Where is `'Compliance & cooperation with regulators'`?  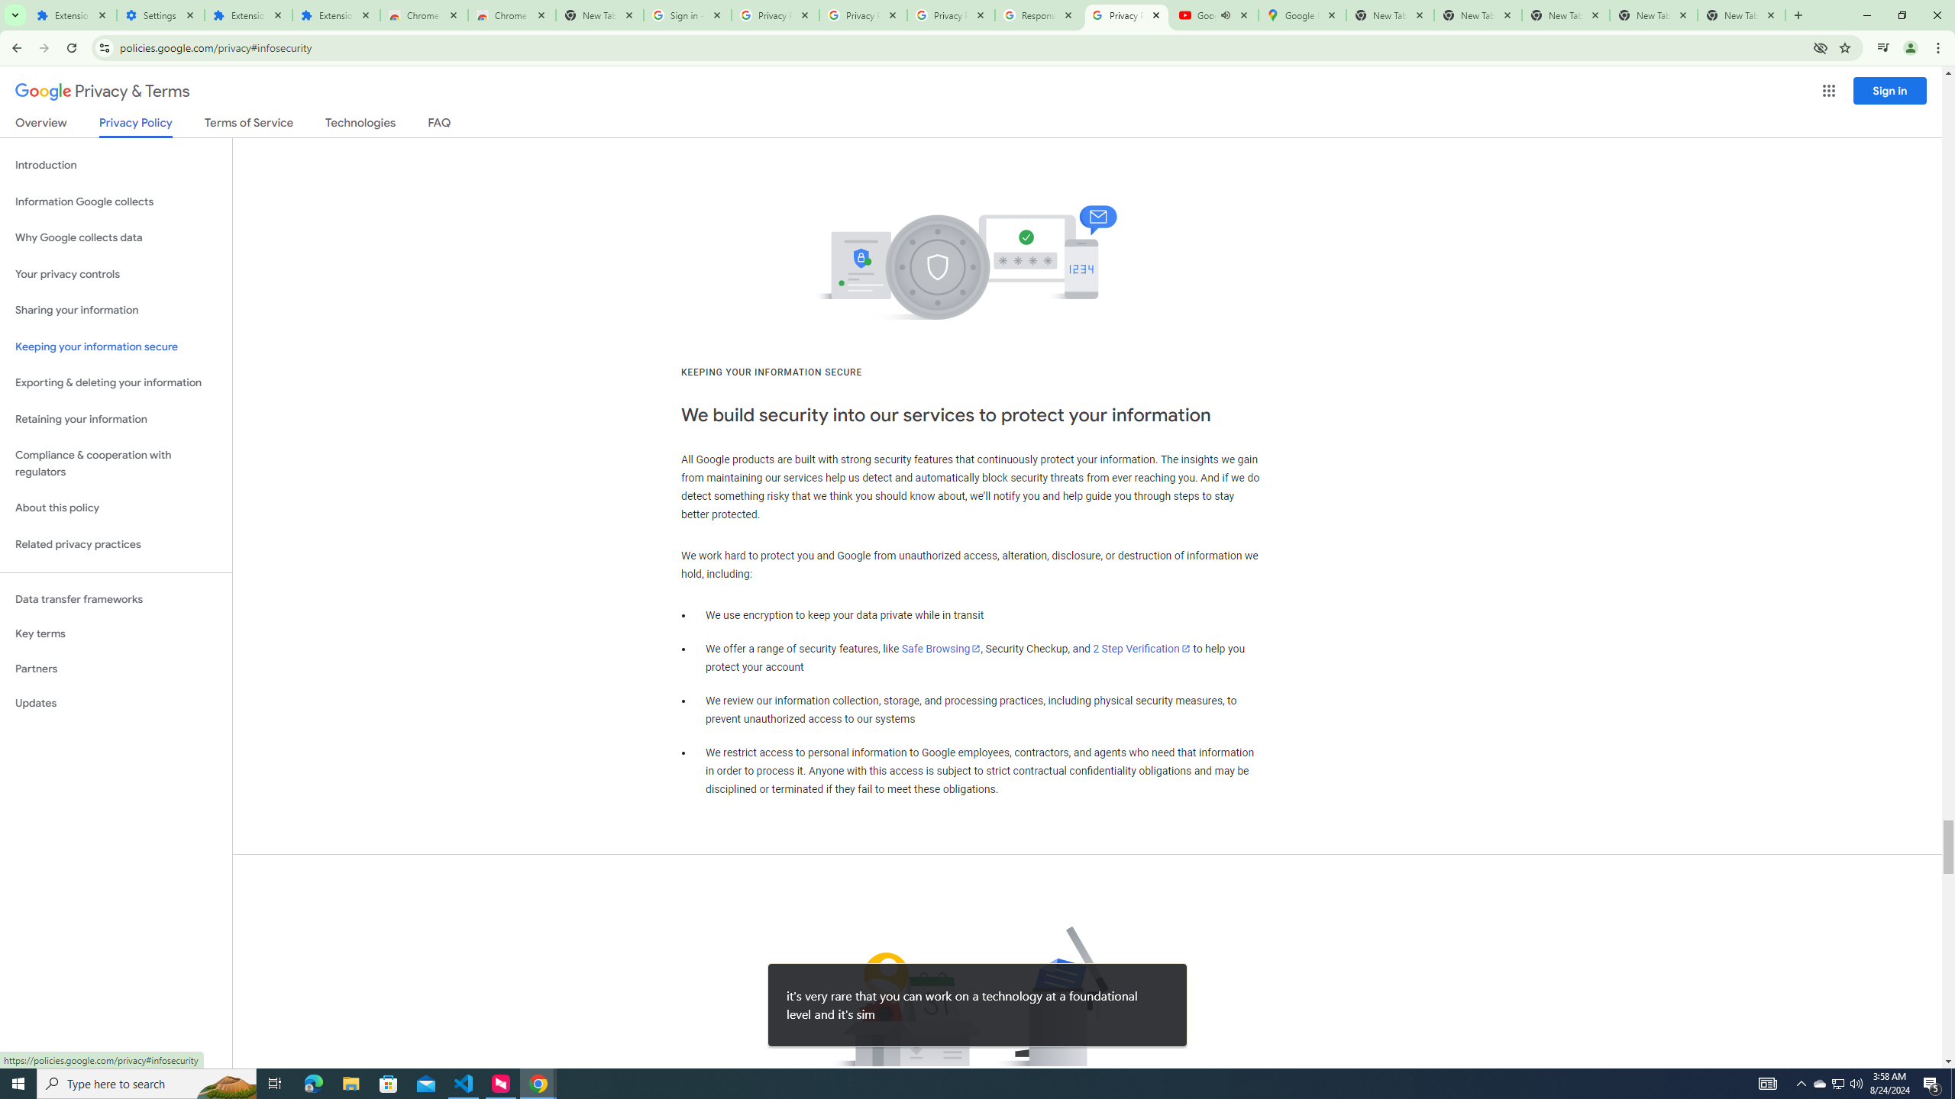 'Compliance & cooperation with regulators' is located at coordinates (115, 464).